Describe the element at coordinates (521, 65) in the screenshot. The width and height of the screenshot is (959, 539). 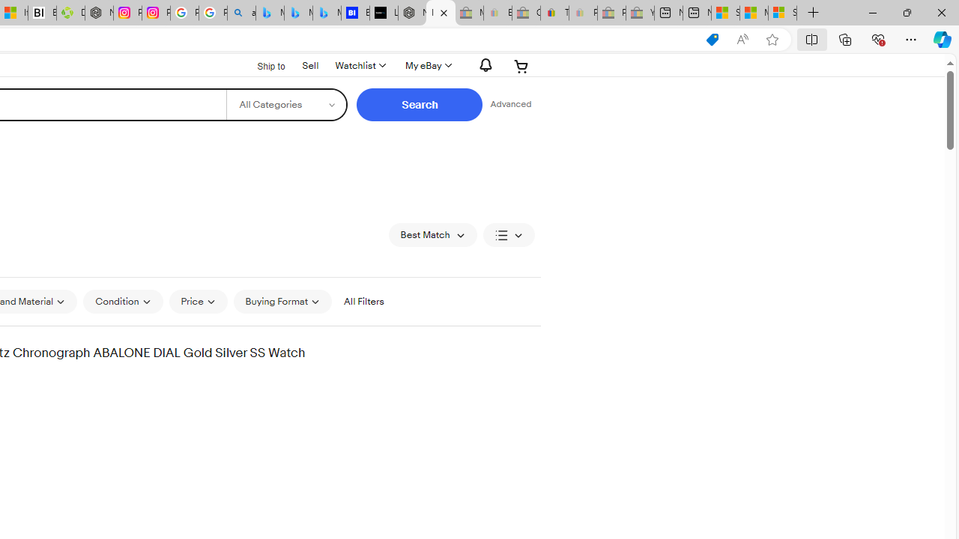
I see `'Expand Cart'` at that location.